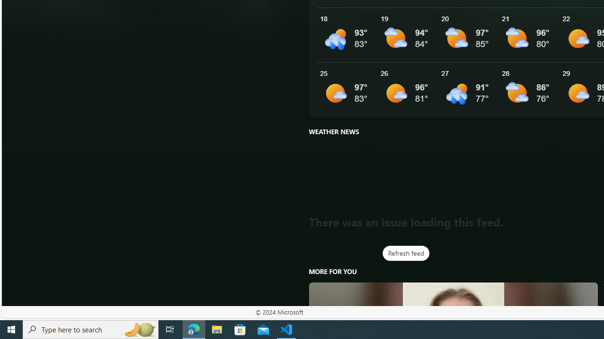 The height and width of the screenshot is (339, 604). What do you see at coordinates (406, 253) in the screenshot?
I see `'Refresh feed'` at bounding box center [406, 253].